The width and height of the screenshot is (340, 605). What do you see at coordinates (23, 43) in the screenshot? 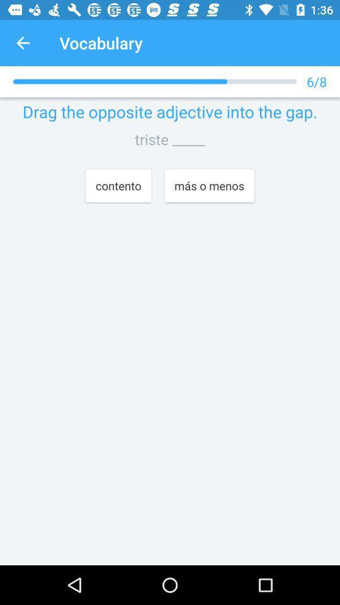
I see `the icon to the left of the vocabulary app` at bounding box center [23, 43].